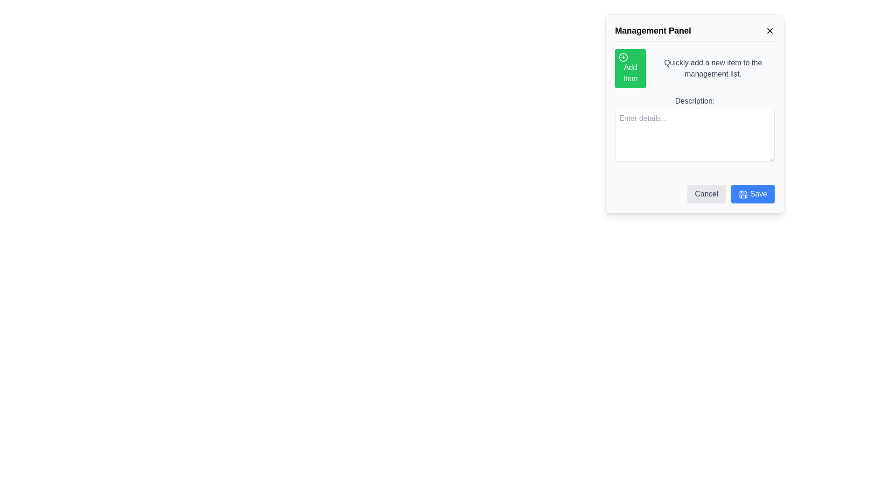 This screenshot has height=504, width=896. Describe the element at coordinates (707, 194) in the screenshot. I see `the 'Cancel' button, which is a rounded rectangular button with a light gray background located near the bottom right of the modal dialog` at that location.